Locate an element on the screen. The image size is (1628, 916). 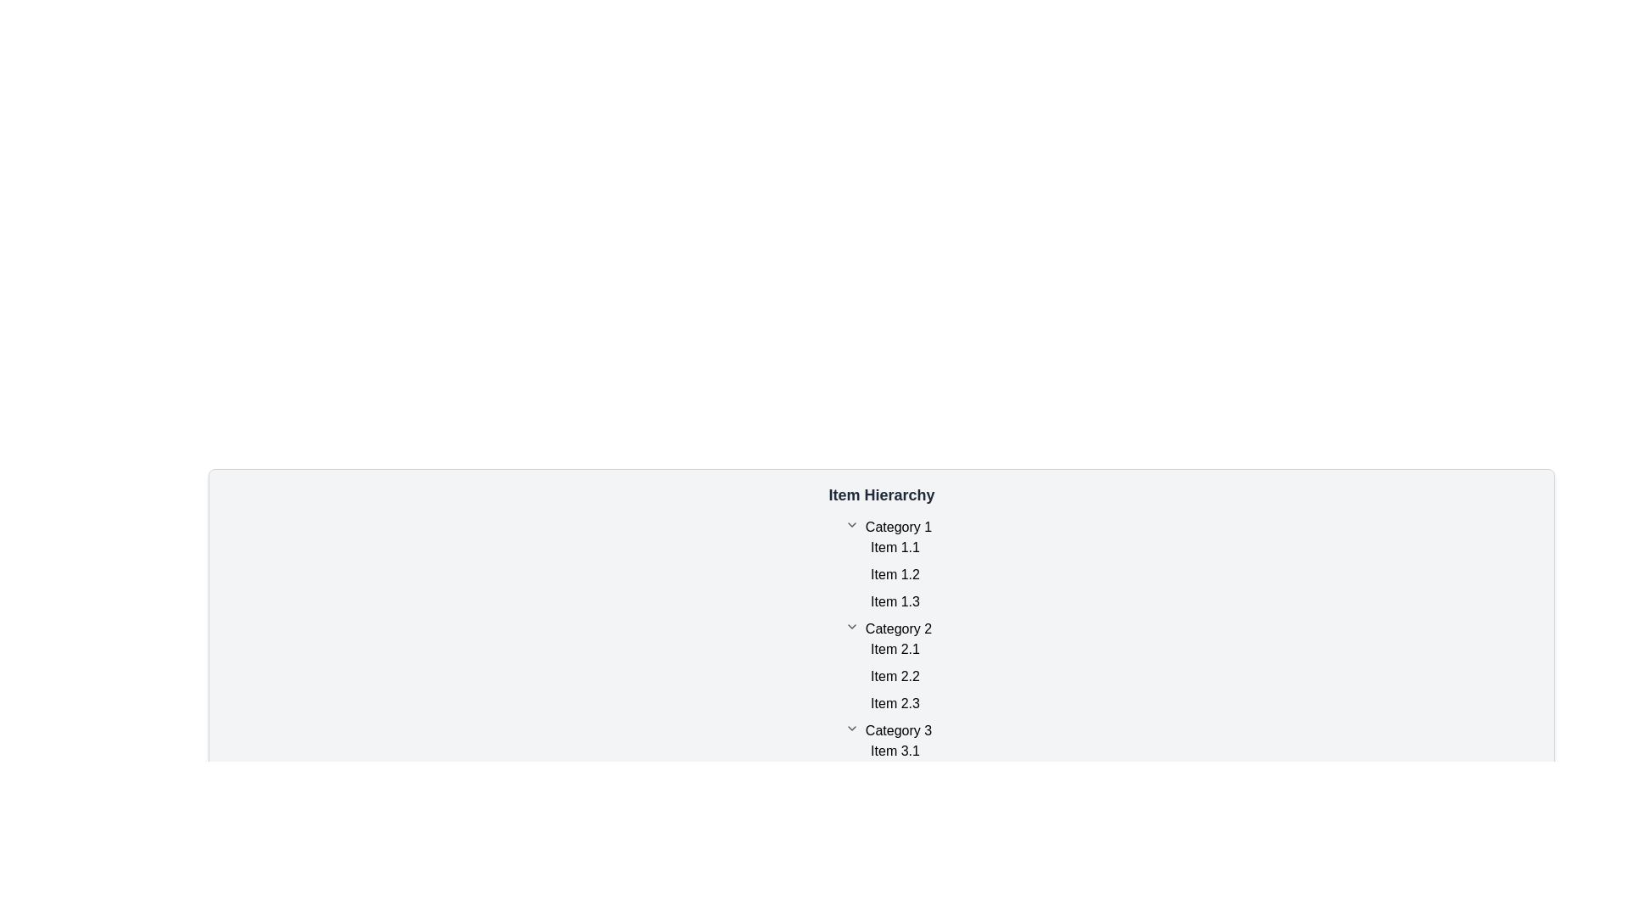
the static label displaying 'Item 1.1', which is the first item under 'Category 1' in the hierarchical list is located at coordinates (895, 547).